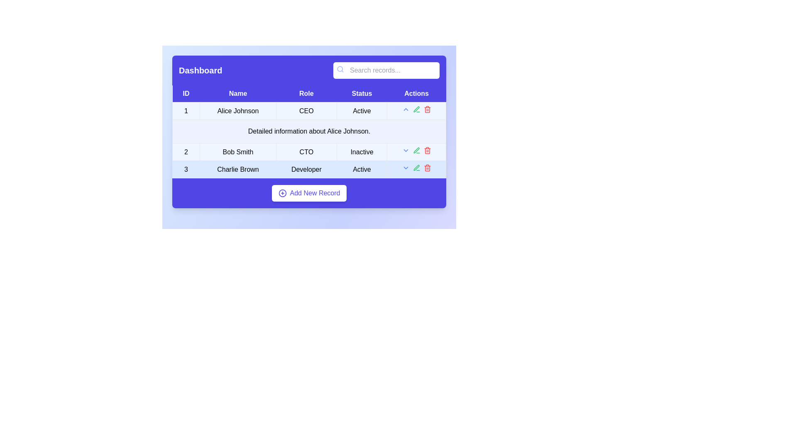  Describe the element at coordinates (308, 152) in the screenshot. I see `the table row displaying information about Bob Smith` at that location.